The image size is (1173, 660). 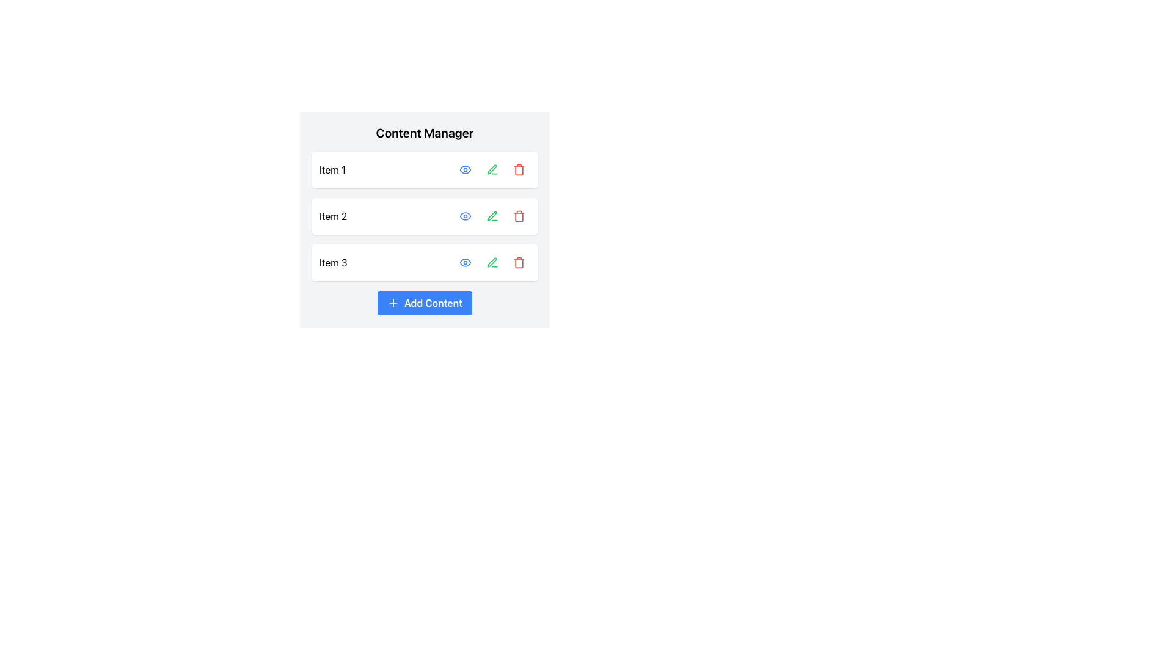 I want to click on the trash icon element, which signifies a delete function for the first content item in the list, so click(x=519, y=170).